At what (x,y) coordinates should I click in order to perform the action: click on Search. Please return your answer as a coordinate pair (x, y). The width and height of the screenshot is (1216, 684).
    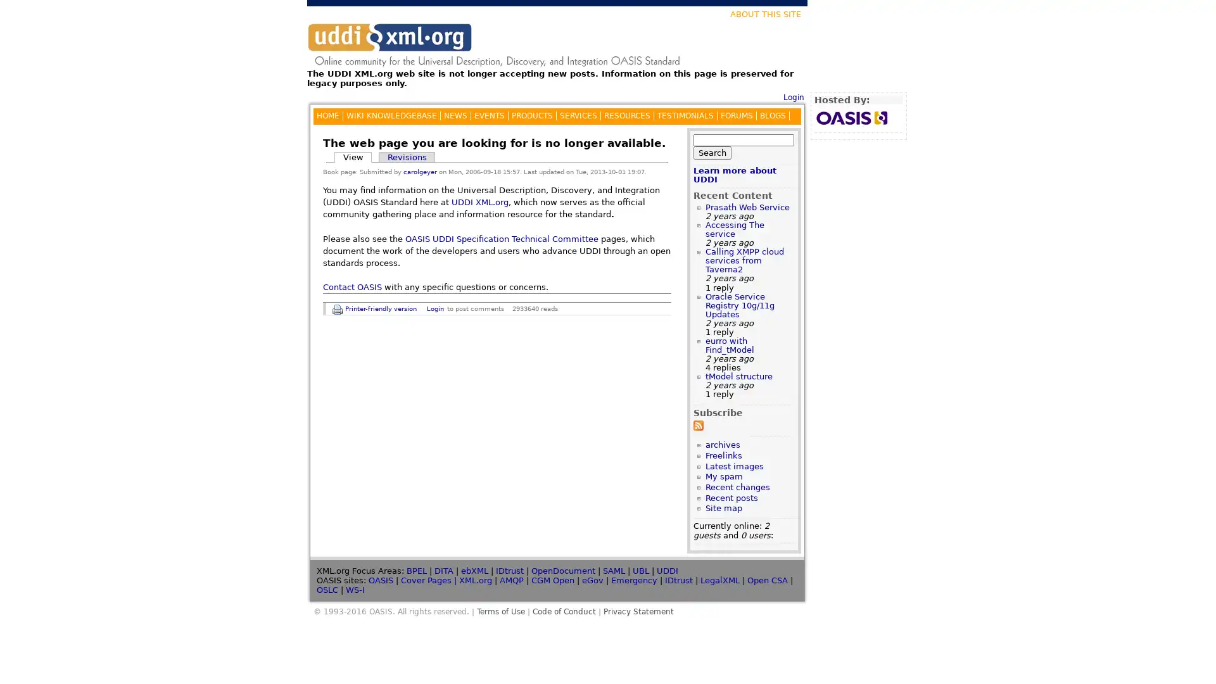
    Looking at the image, I should click on (712, 151).